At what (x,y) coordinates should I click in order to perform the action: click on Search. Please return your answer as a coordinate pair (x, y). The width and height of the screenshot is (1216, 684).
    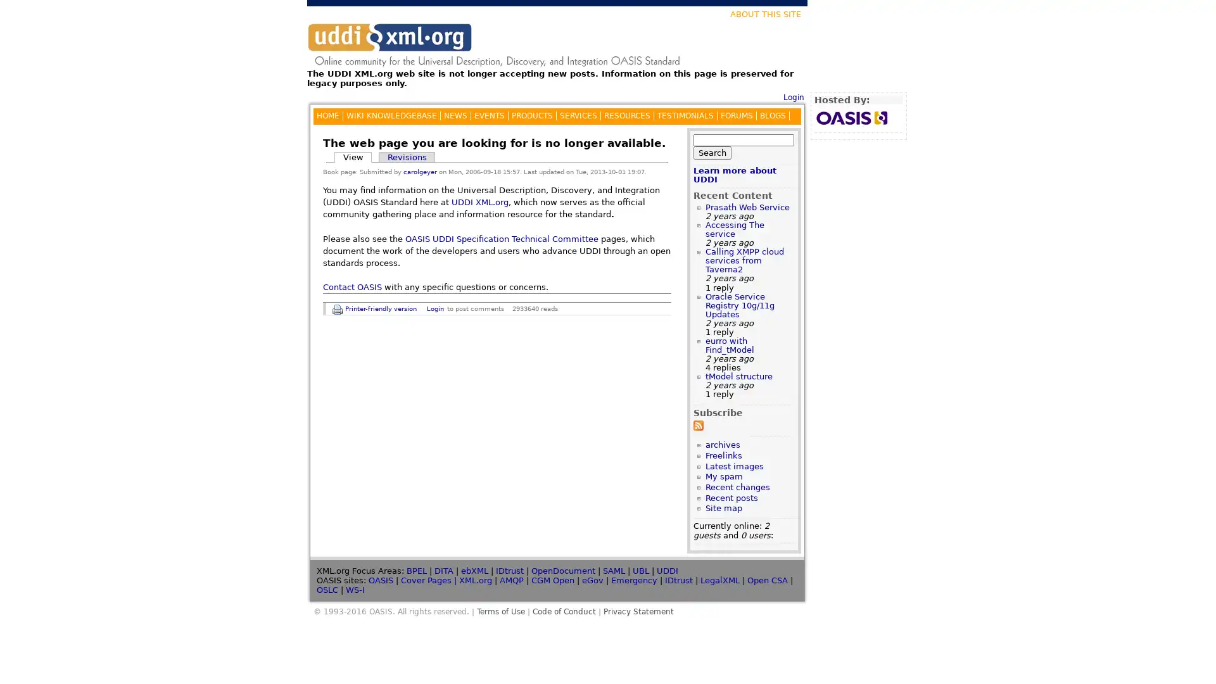
    Looking at the image, I should click on (712, 151).